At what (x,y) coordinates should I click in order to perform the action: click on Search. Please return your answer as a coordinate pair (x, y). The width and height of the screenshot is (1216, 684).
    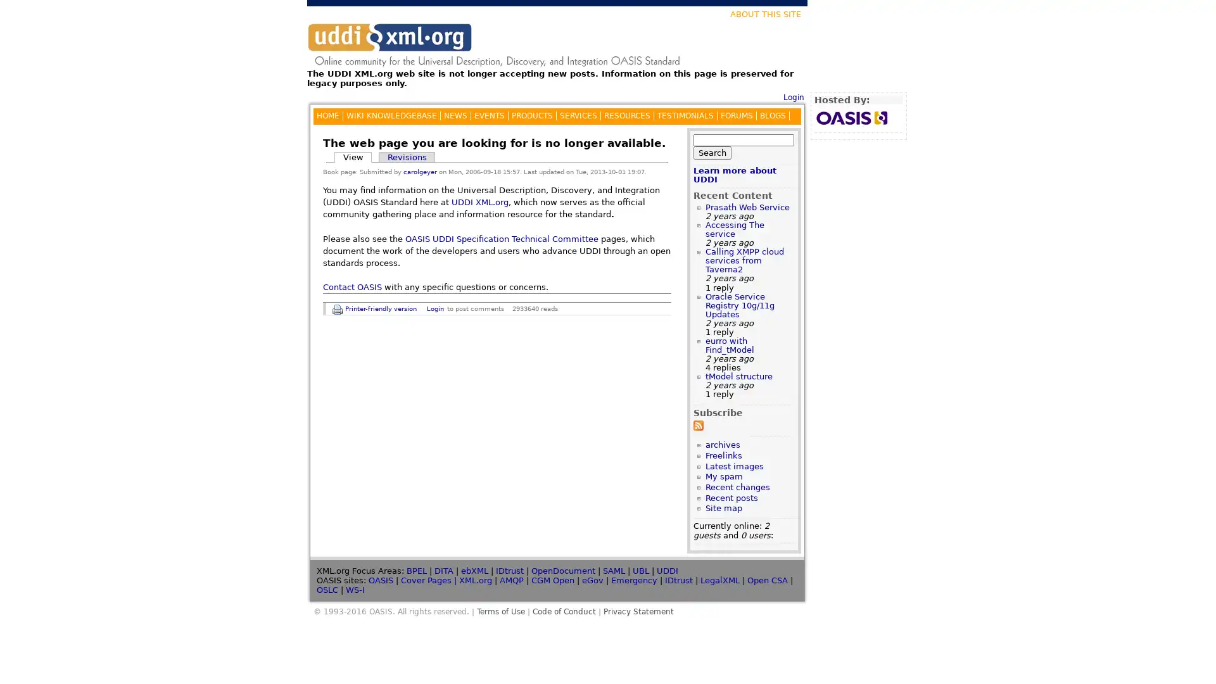
    Looking at the image, I should click on (712, 151).